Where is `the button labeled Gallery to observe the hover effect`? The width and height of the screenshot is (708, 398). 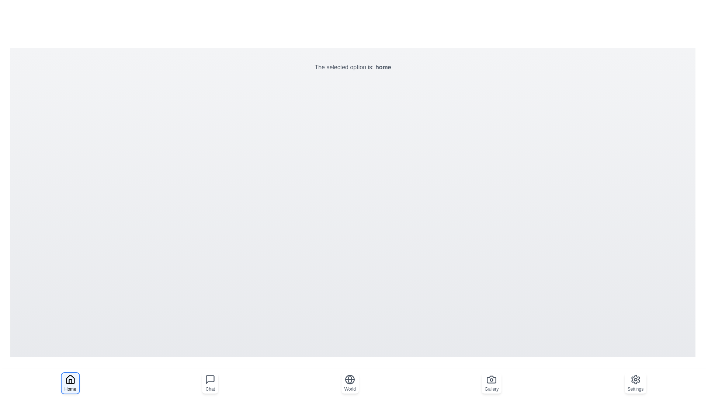 the button labeled Gallery to observe the hover effect is located at coordinates (492, 383).